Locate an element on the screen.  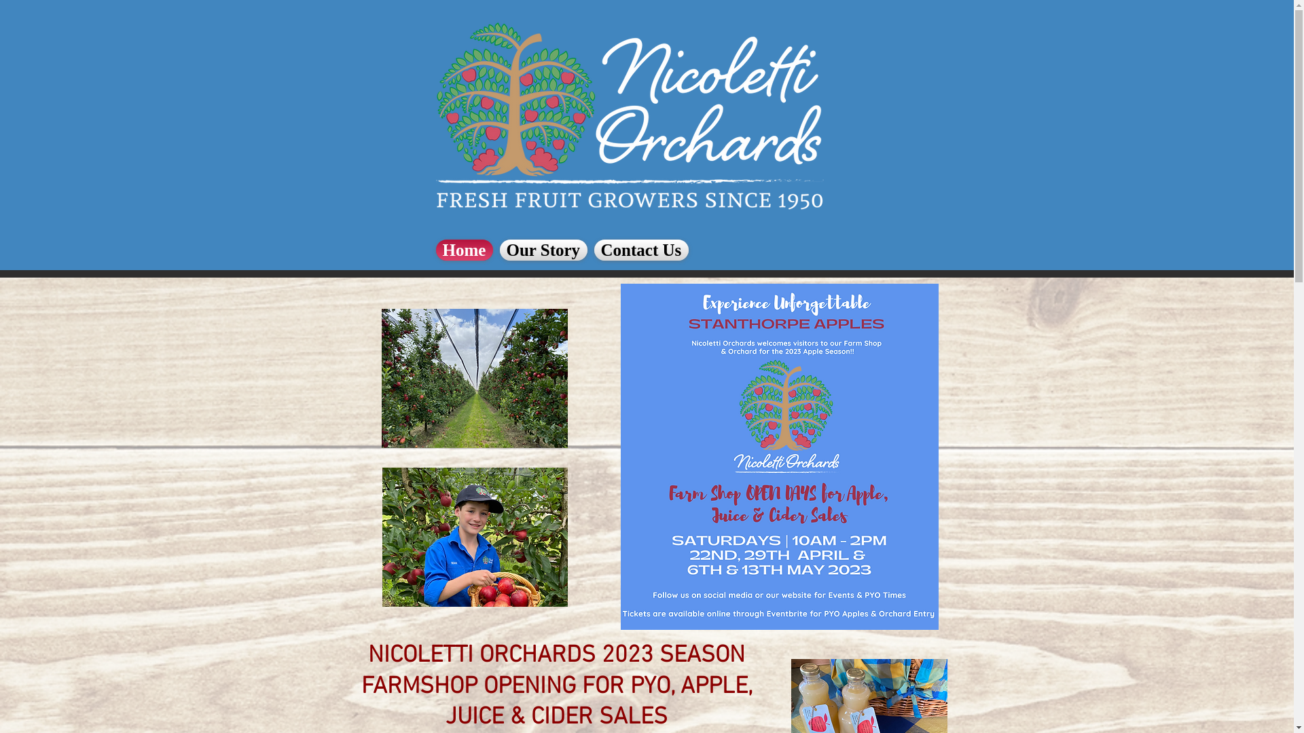
'Home' is located at coordinates (466, 250).